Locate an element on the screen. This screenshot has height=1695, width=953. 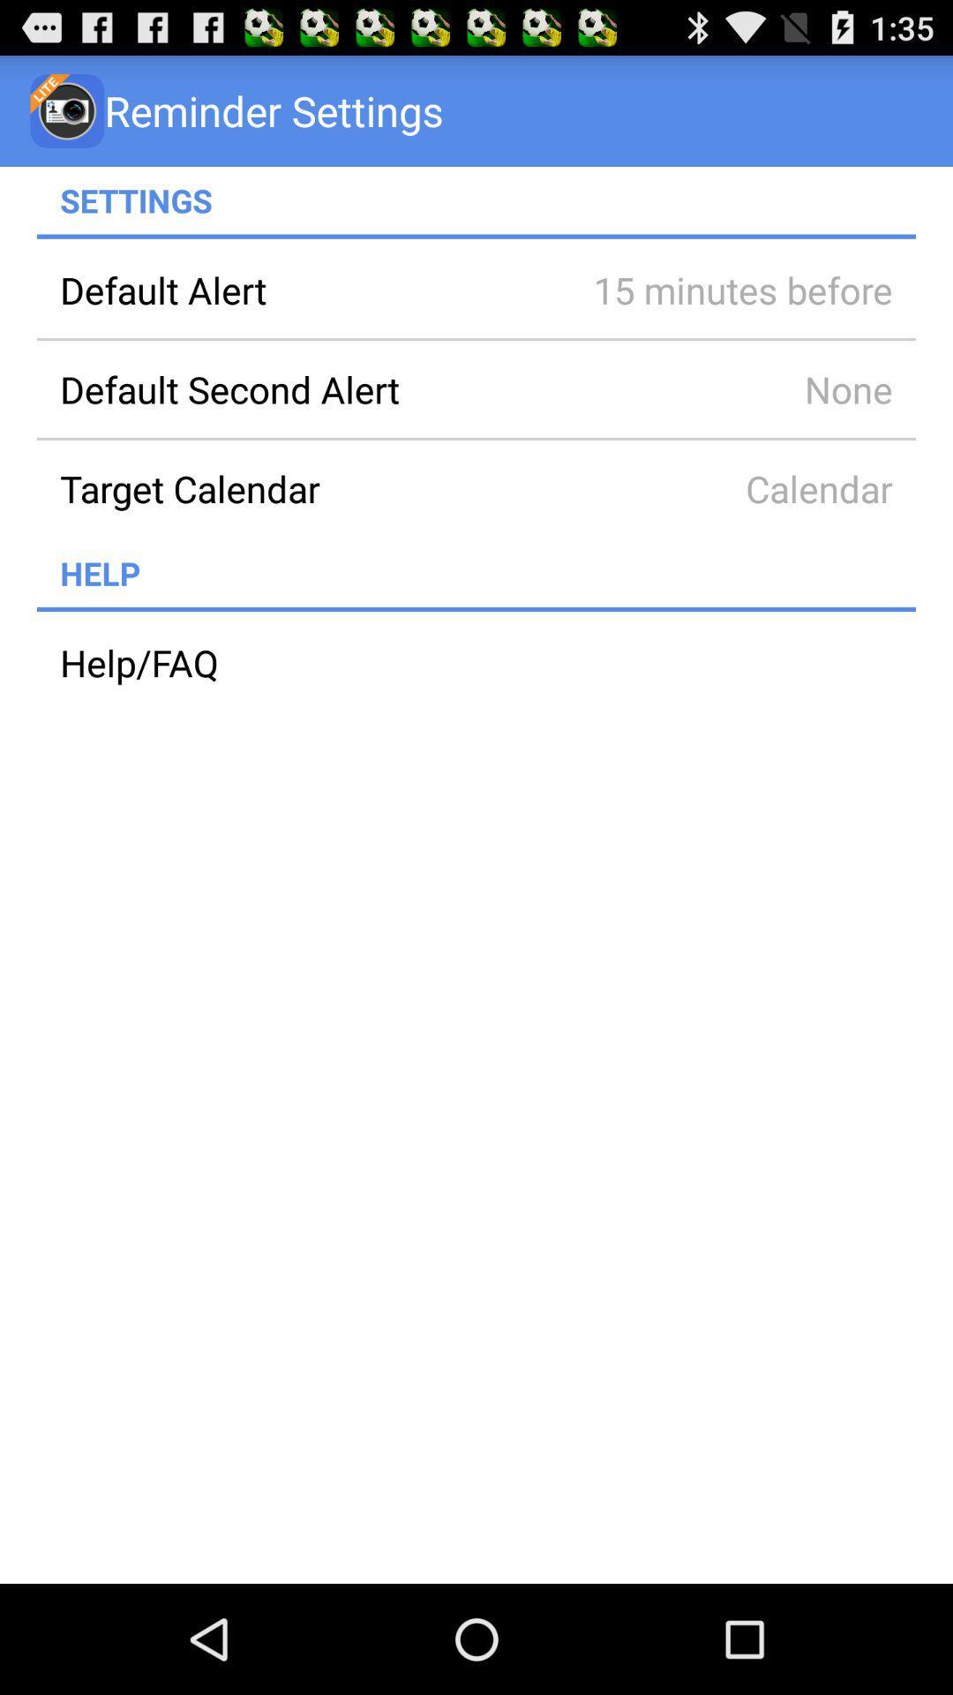
app above the help/faq app is located at coordinates (476, 609).